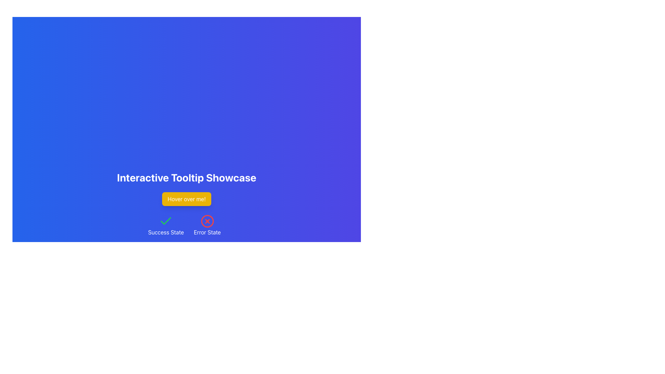 Image resolution: width=665 pixels, height=374 pixels. What do you see at coordinates (166, 221) in the screenshot?
I see `the visual state of the 'success' icon located towards the left of the bottom section of the interface, adjacent to the 'Error State' icon` at bounding box center [166, 221].